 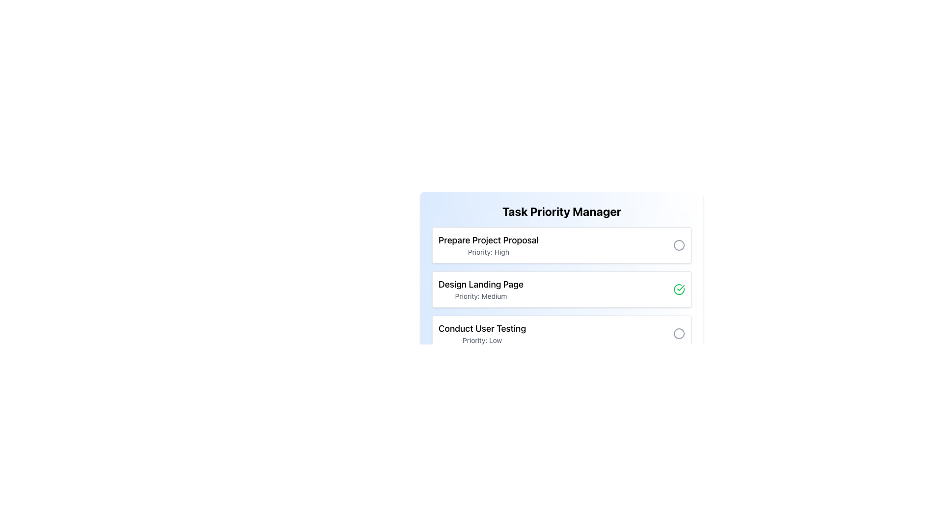 I want to click on the text label reading 'Design Landing Page', so click(x=481, y=284).